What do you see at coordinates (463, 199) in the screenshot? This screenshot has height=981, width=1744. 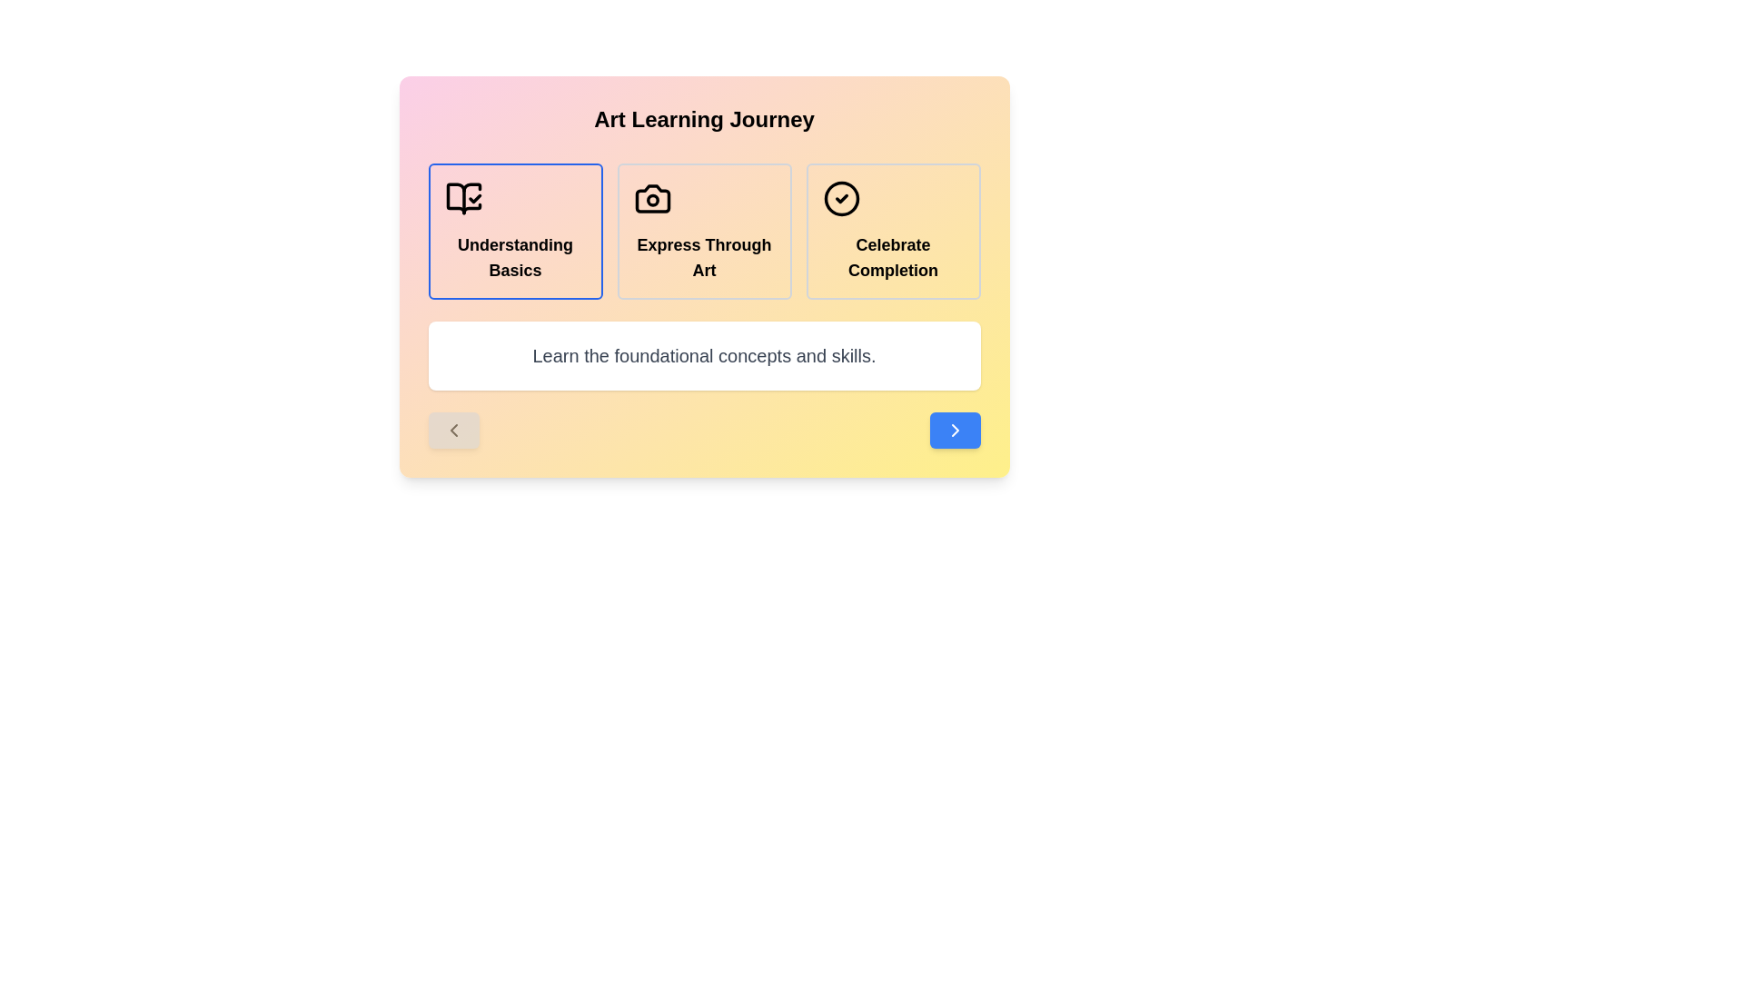 I see `the icon representing the phase Understanding Basics` at bounding box center [463, 199].